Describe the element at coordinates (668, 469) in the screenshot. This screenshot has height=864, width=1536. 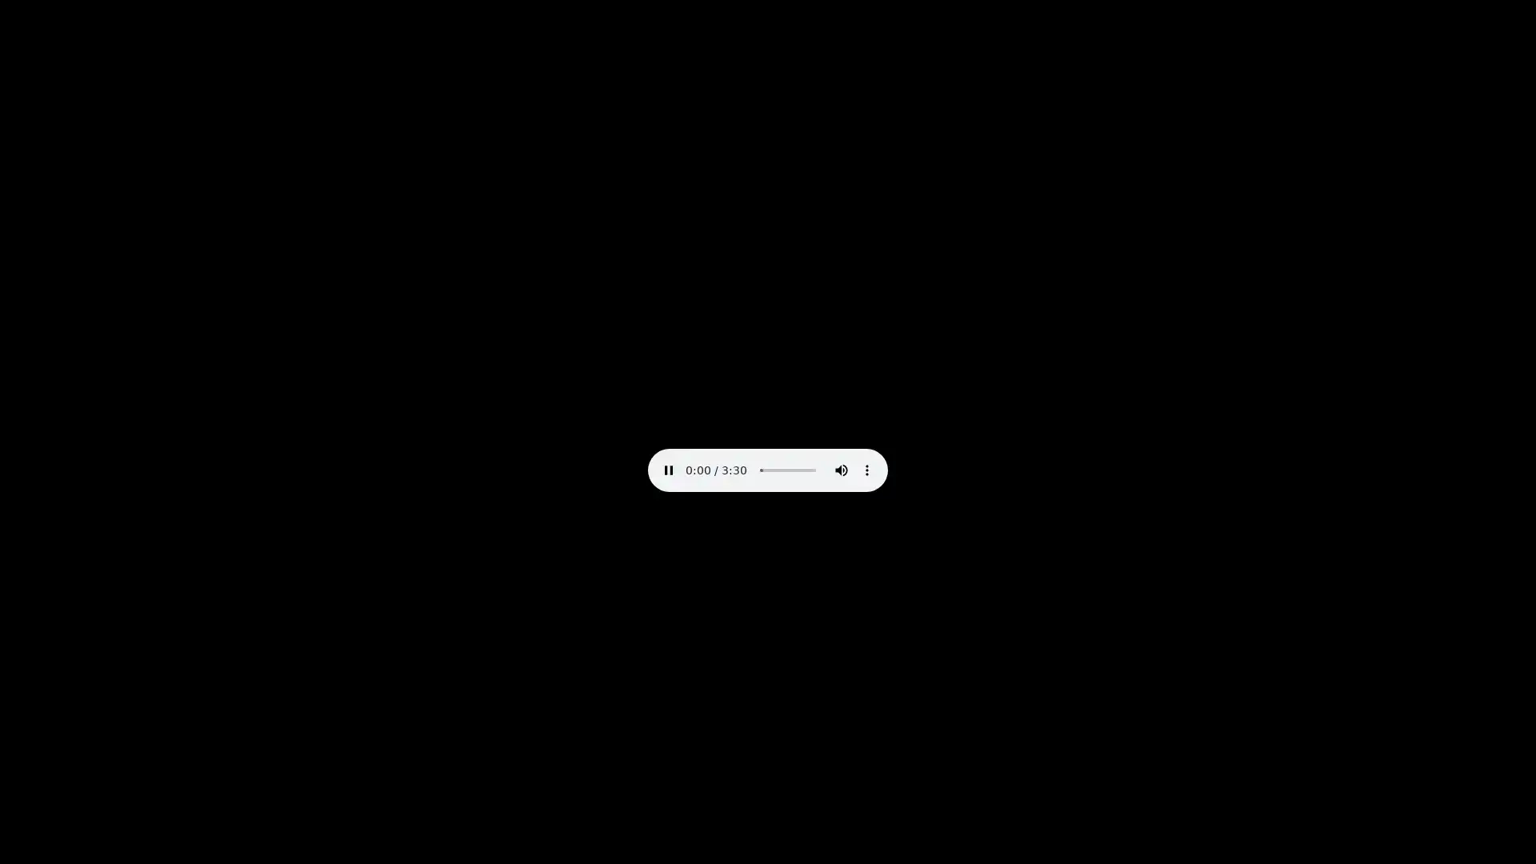
I see `pause` at that location.